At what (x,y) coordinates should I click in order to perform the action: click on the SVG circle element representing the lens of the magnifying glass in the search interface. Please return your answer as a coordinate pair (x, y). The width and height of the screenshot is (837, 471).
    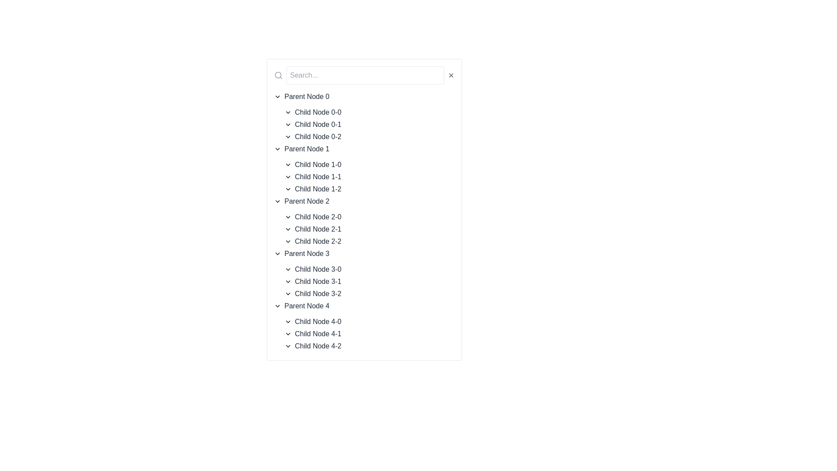
    Looking at the image, I should click on (277, 75).